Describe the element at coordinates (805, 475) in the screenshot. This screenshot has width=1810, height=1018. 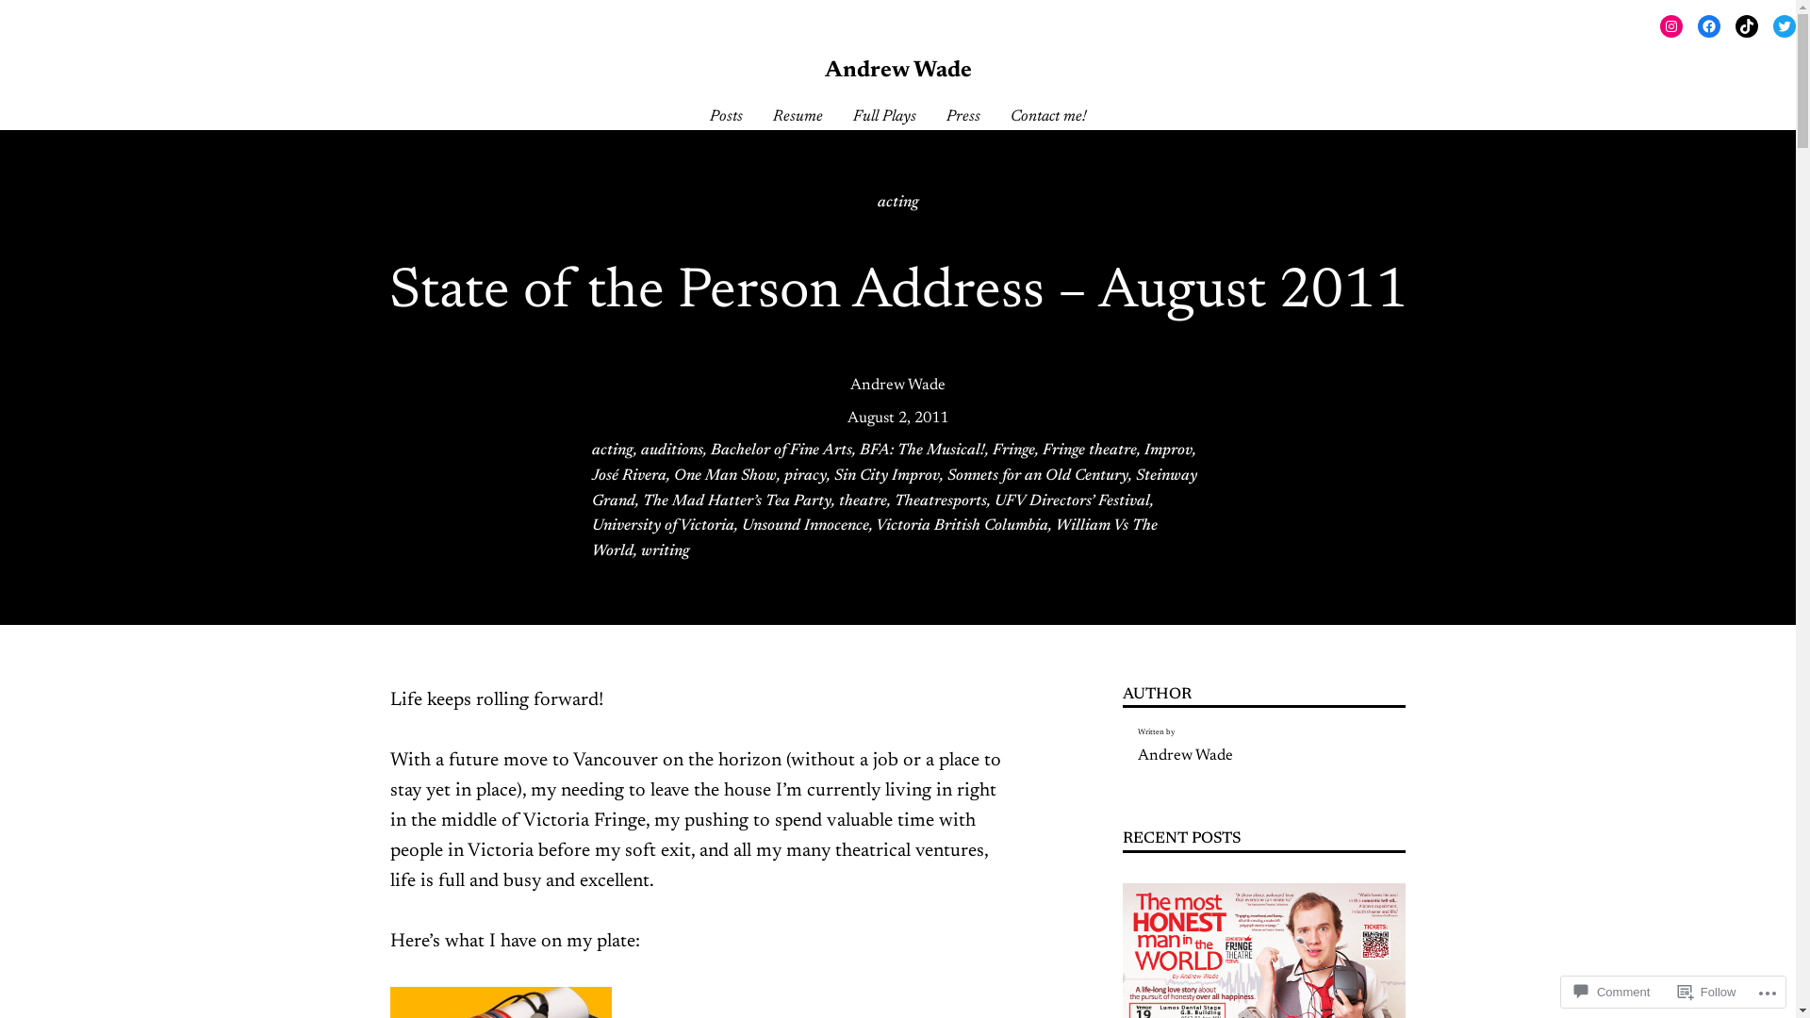
I see `'piracy'` at that location.